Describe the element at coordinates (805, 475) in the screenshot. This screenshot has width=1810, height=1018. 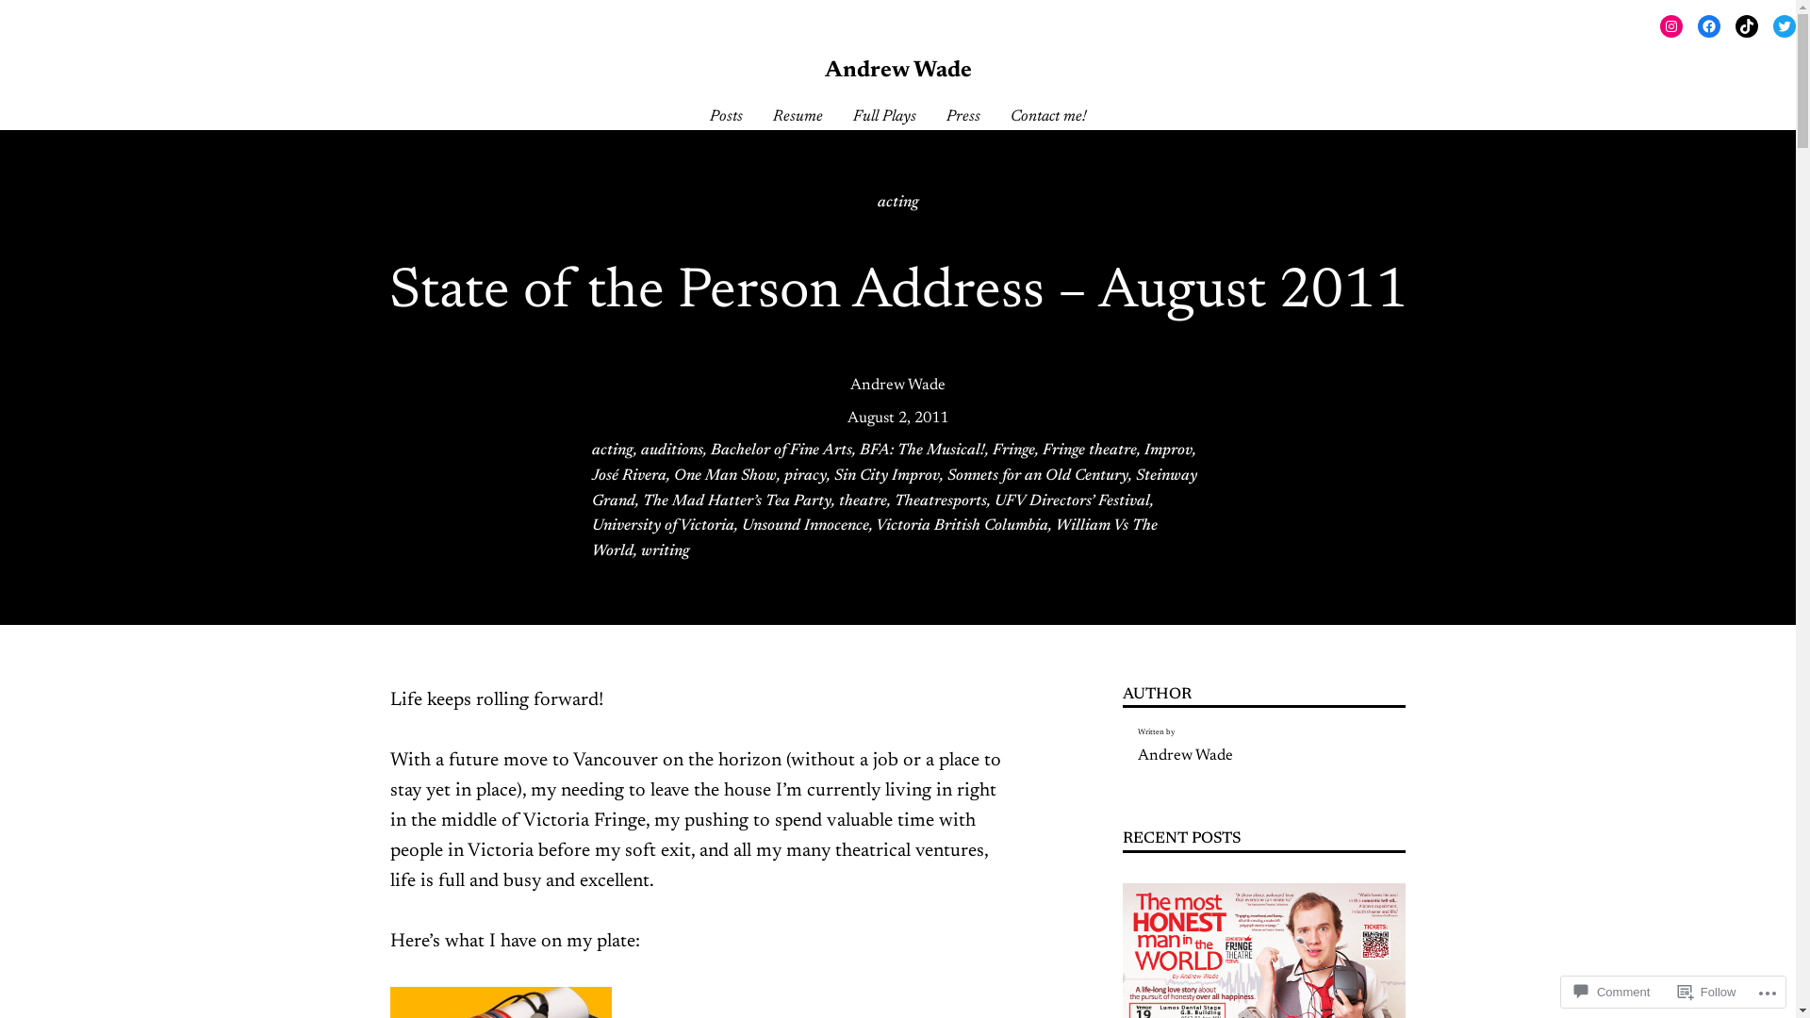
I see `'piracy'` at that location.